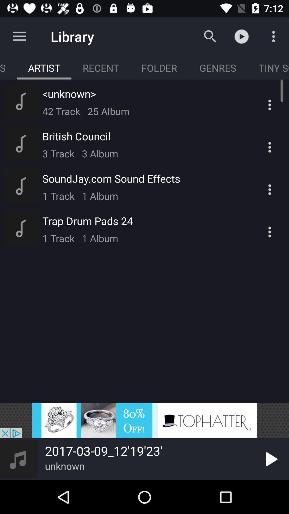 The height and width of the screenshot is (514, 289). I want to click on icon which is at the last of the list, so click(260, 228).